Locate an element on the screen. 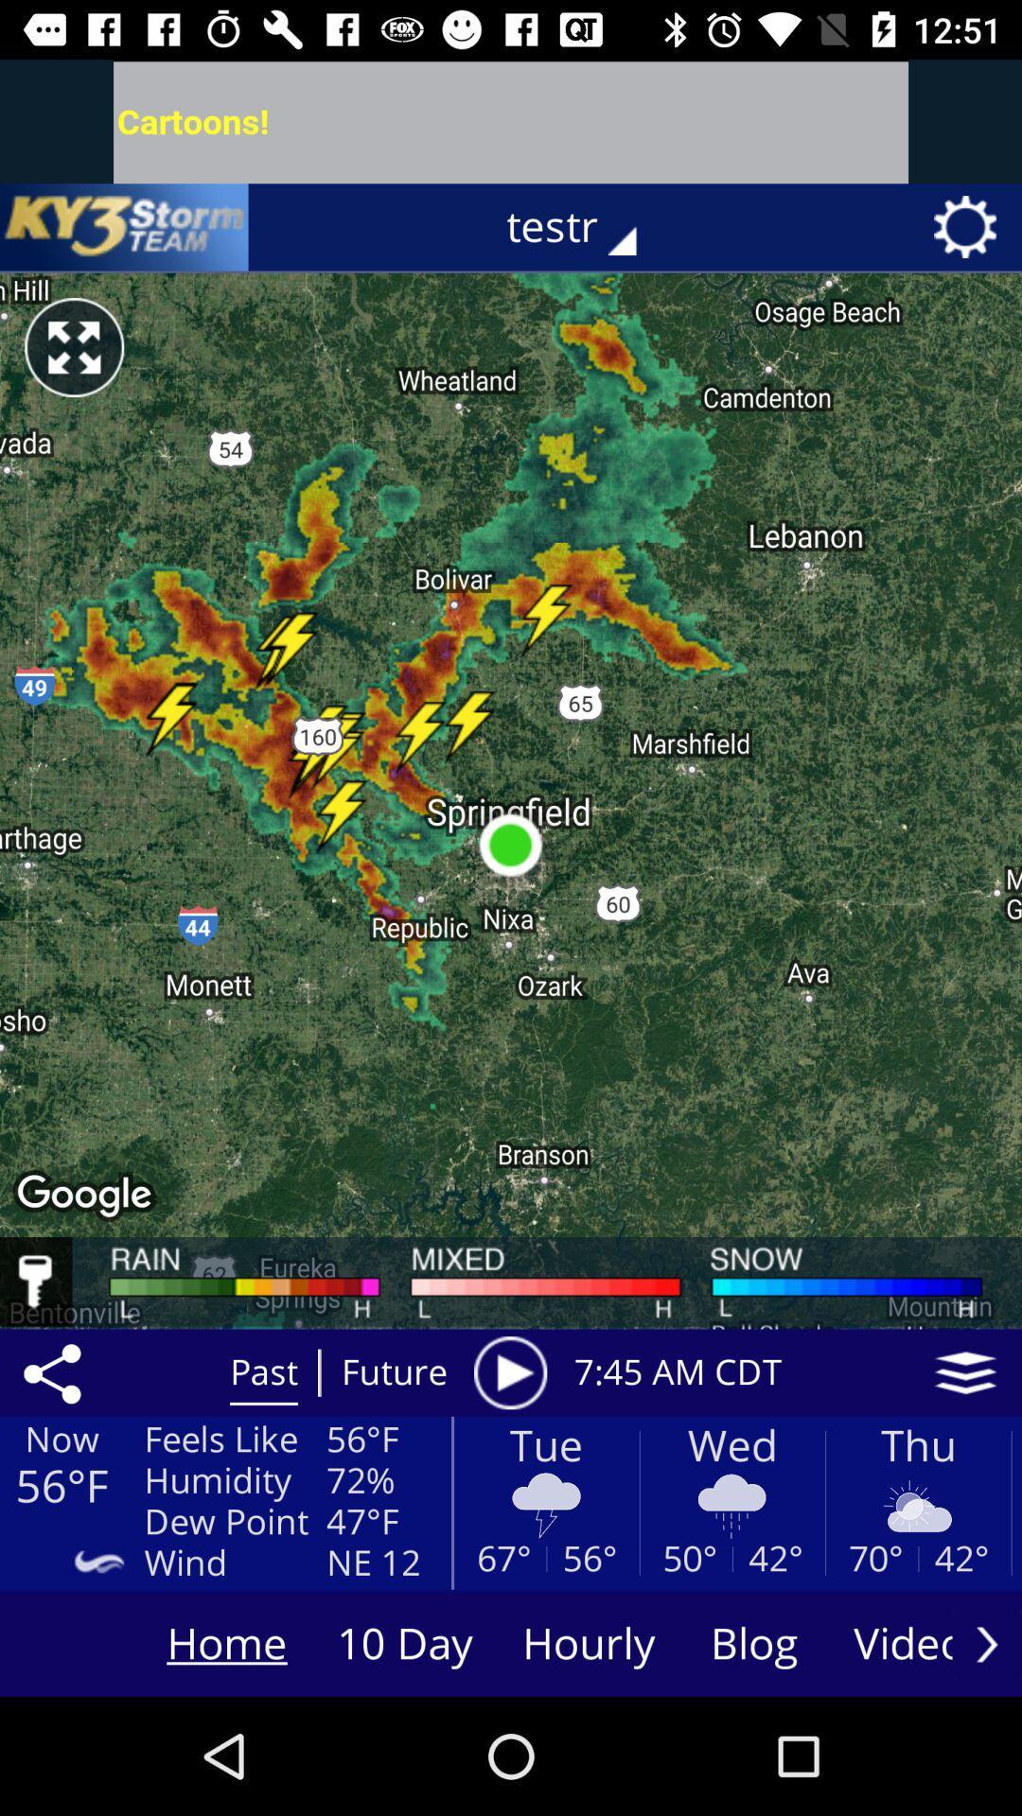  the arrow_forward icon is located at coordinates (986, 1643).